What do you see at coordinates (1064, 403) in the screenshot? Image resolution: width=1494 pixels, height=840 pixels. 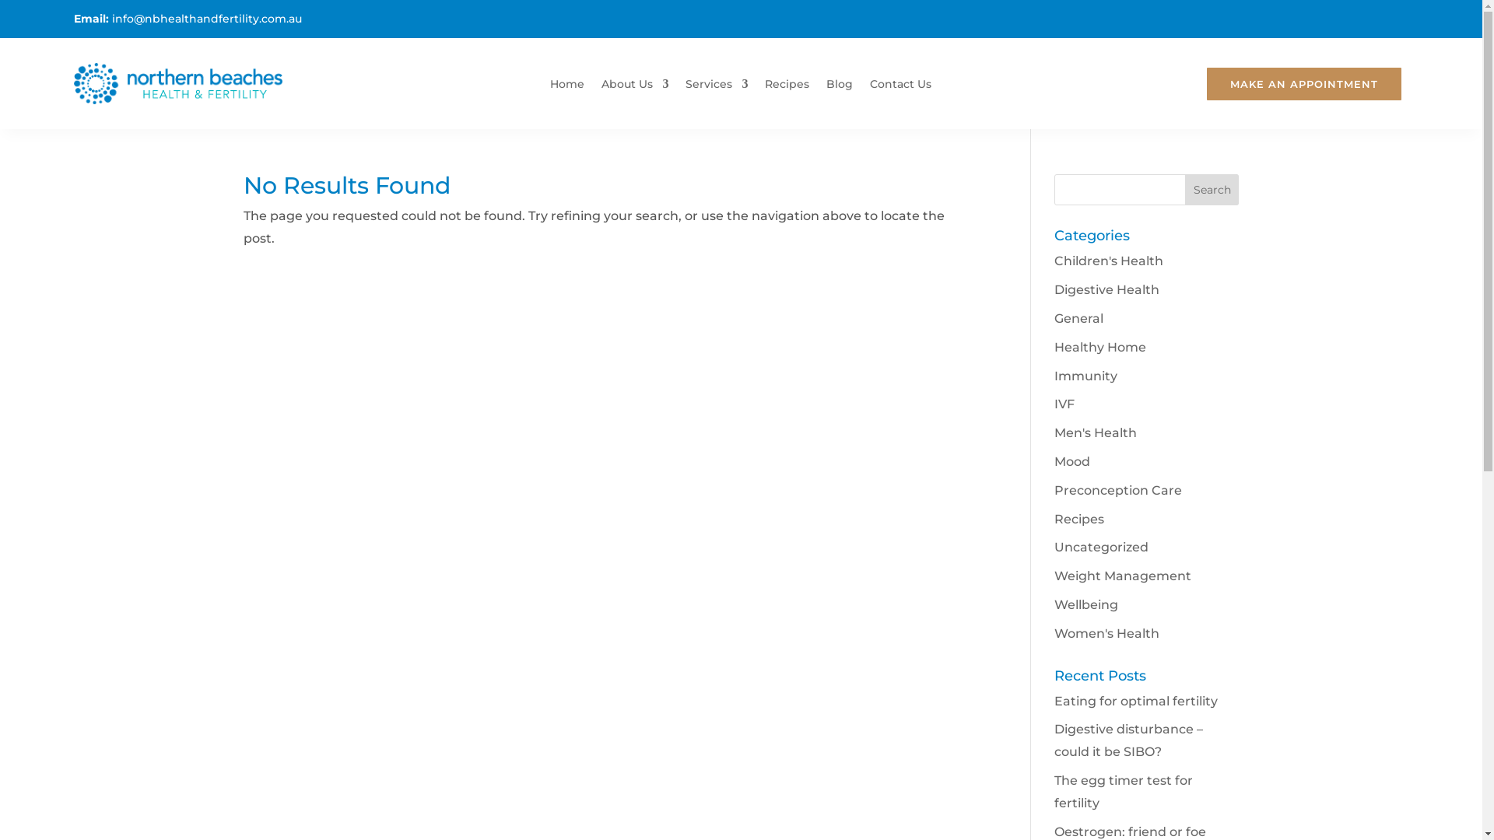 I see `'IVF'` at bounding box center [1064, 403].